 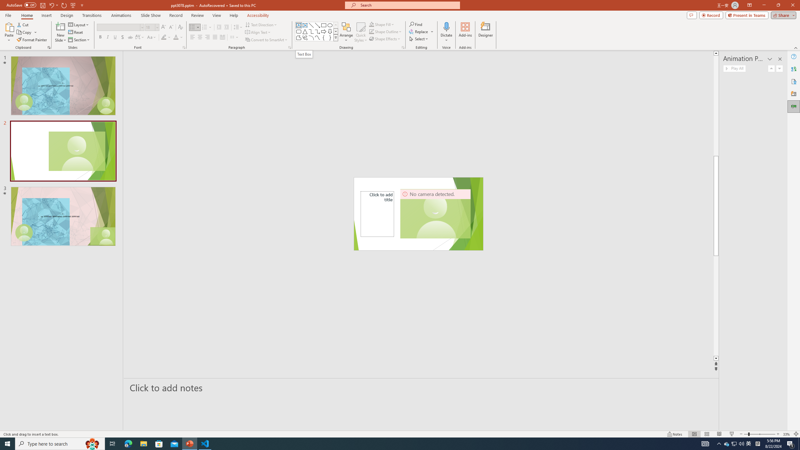 I want to click on 'Play All', so click(x=734, y=68).